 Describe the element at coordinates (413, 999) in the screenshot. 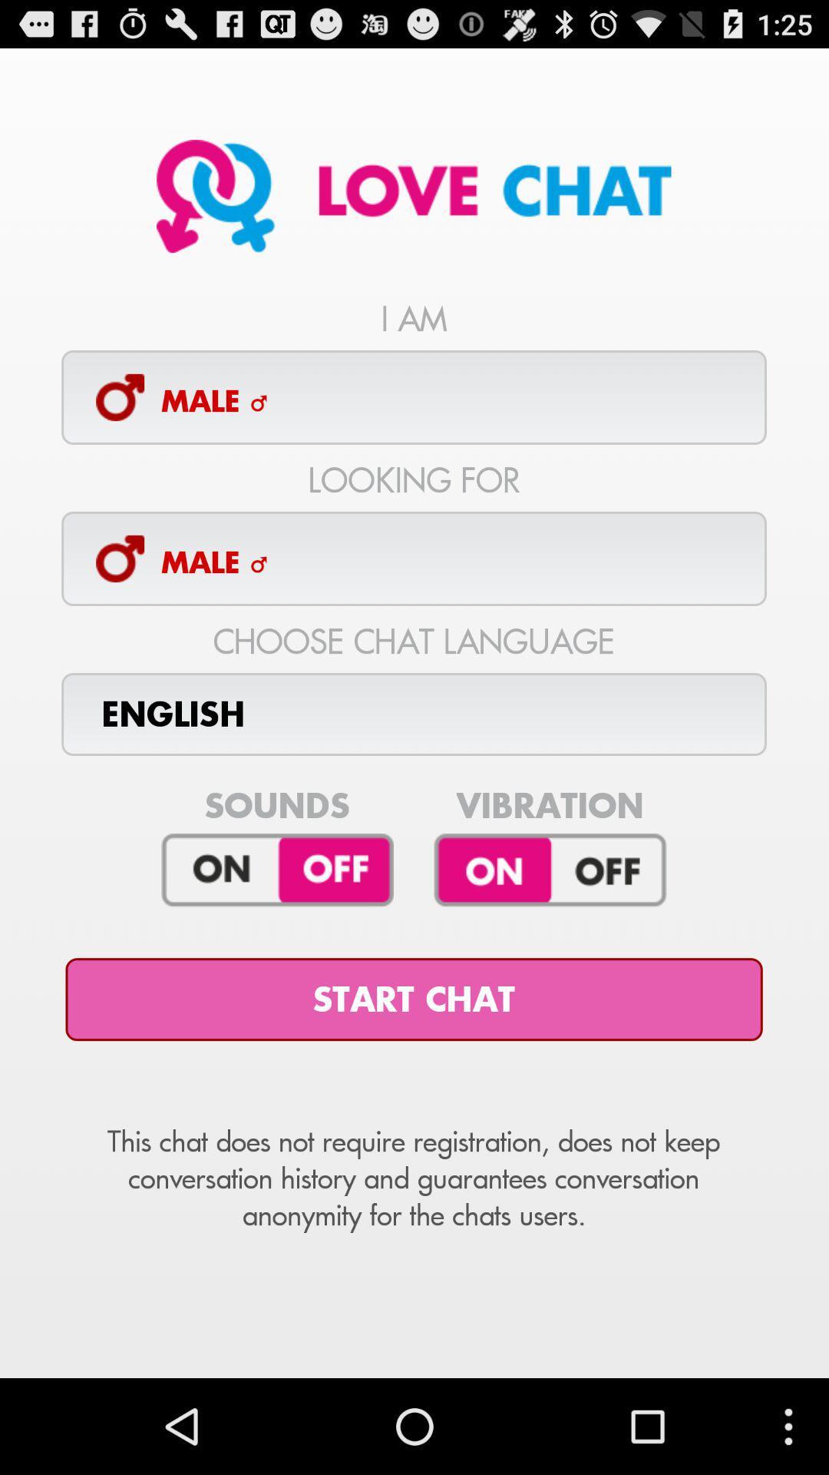

I see `the start chat button` at that location.